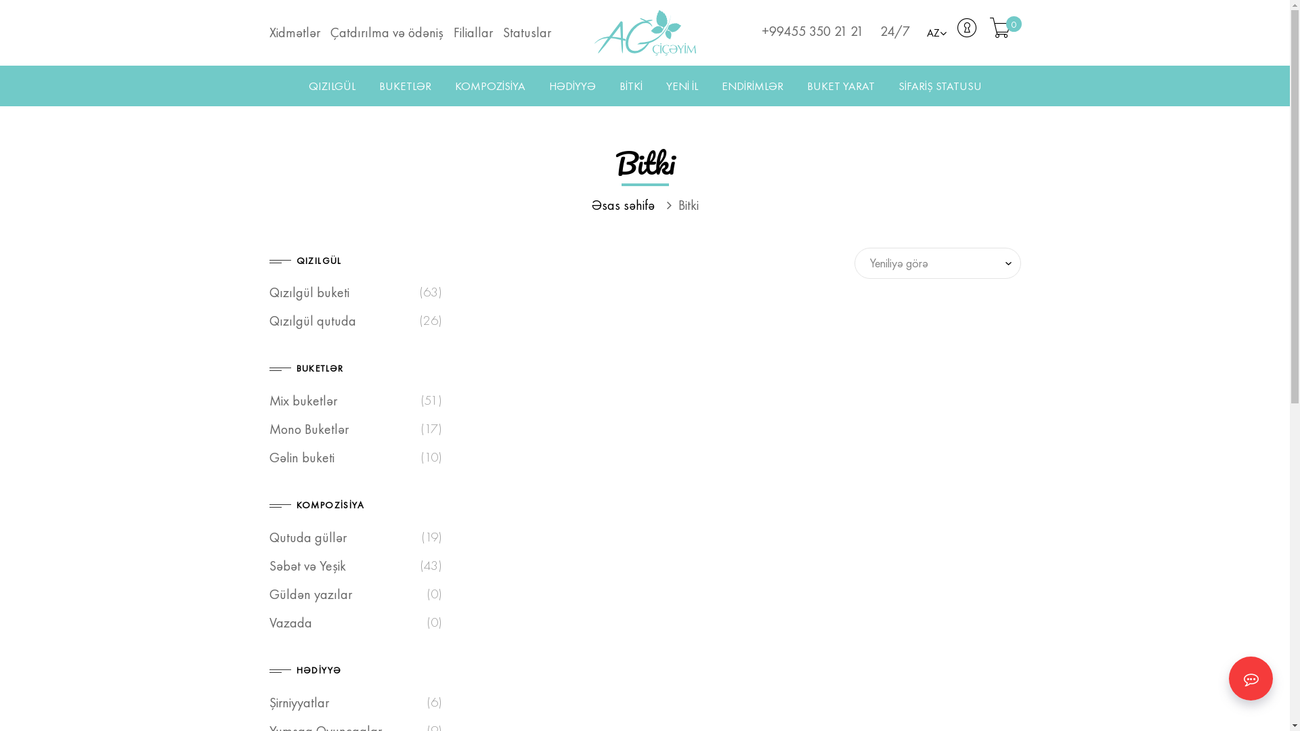 This screenshot has width=1300, height=731. What do you see at coordinates (935, 32) in the screenshot?
I see `'AZ'` at bounding box center [935, 32].